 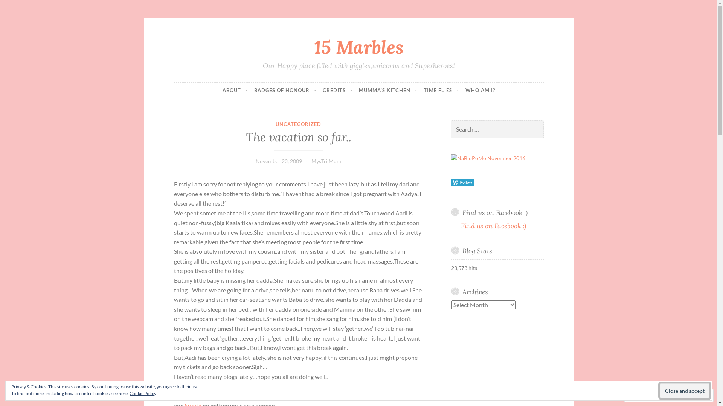 What do you see at coordinates (206, 395) in the screenshot?
I see `'Parul'` at bounding box center [206, 395].